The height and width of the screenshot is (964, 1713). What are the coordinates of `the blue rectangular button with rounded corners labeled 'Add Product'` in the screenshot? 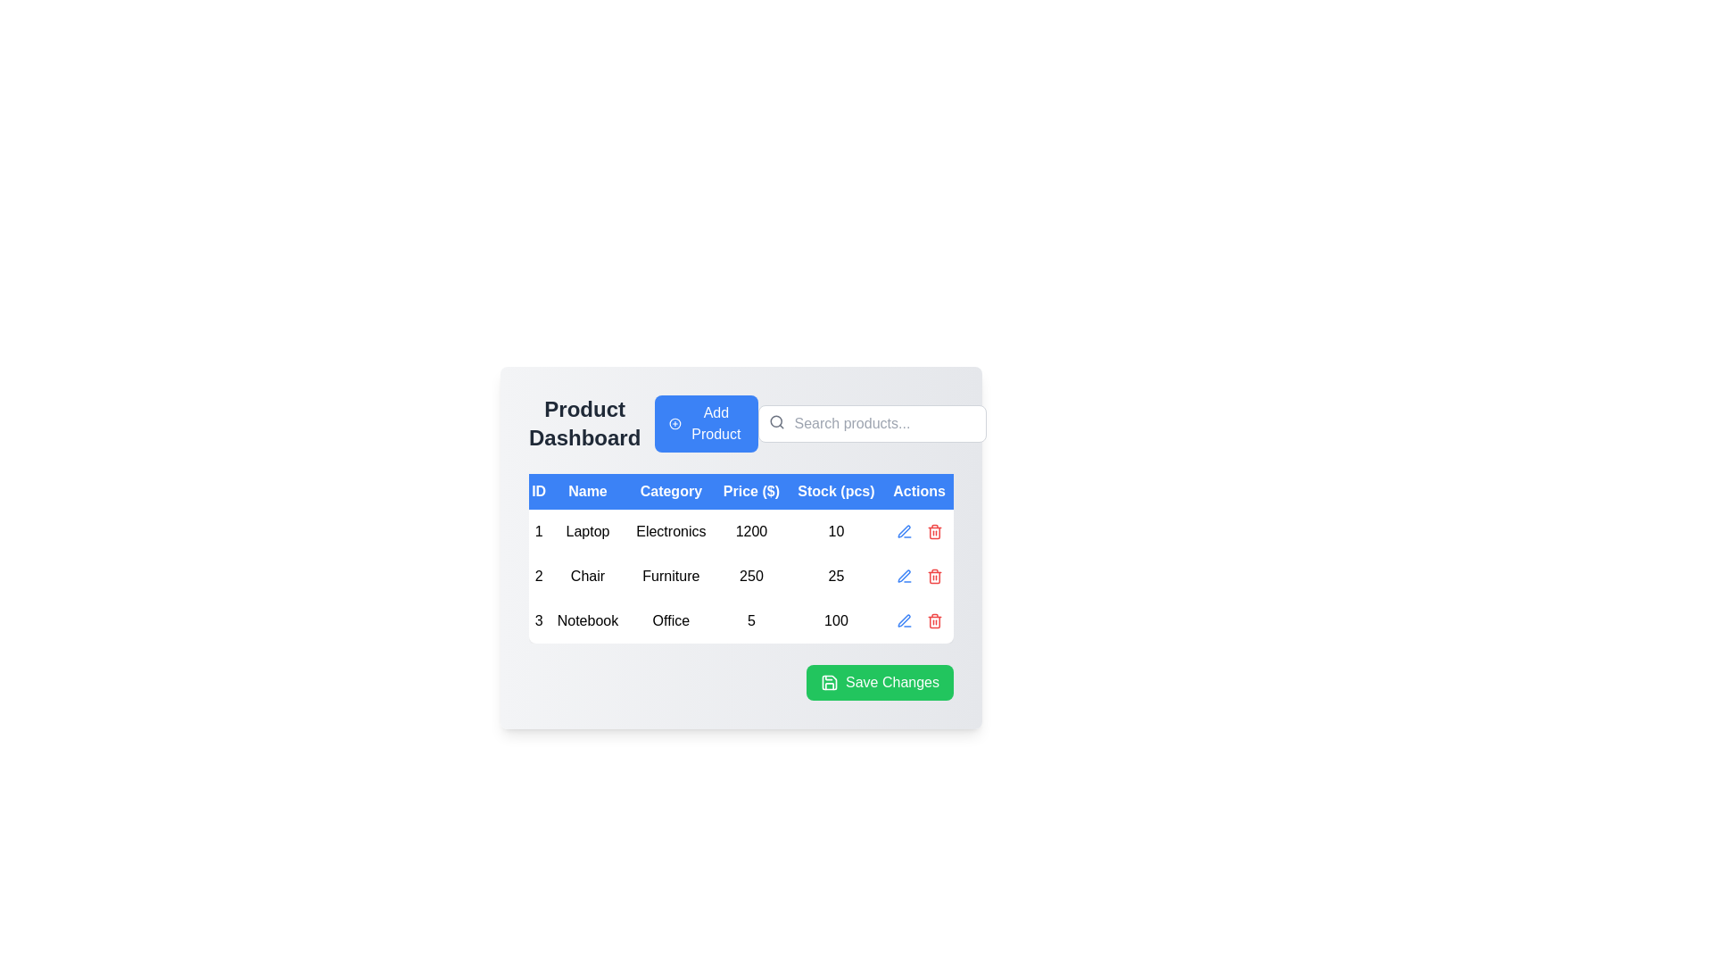 It's located at (741, 423).